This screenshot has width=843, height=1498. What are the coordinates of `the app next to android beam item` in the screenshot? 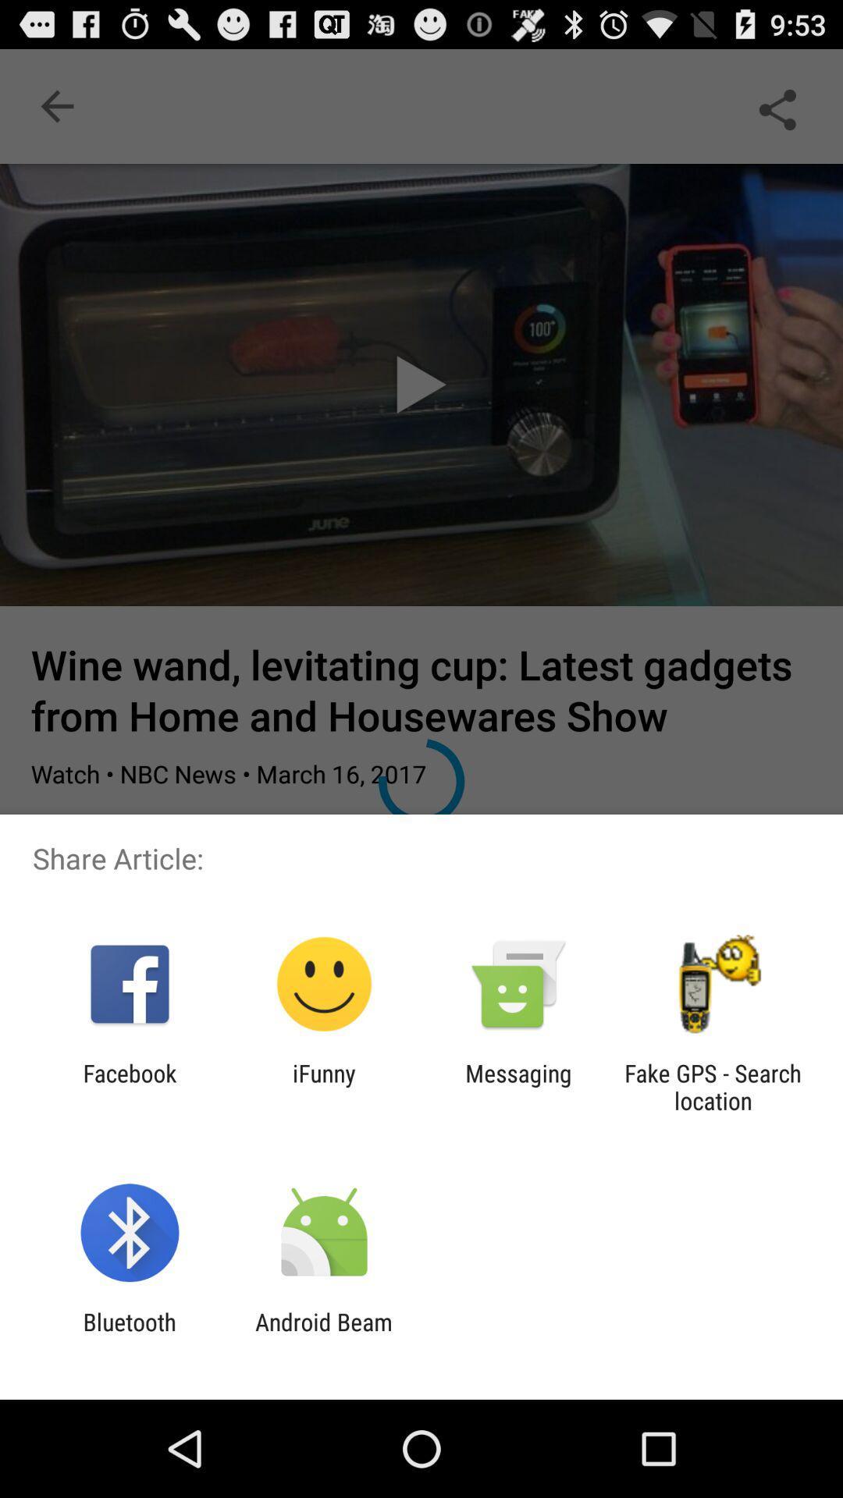 It's located at (129, 1335).